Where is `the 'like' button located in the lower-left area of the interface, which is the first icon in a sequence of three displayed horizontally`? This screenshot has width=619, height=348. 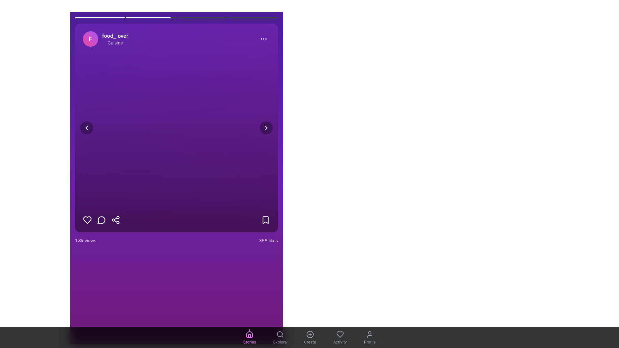
the 'like' button located in the lower-left area of the interface, which is the first icon in a sequence of three displayed horizontally is located at coordinates (87, 219).